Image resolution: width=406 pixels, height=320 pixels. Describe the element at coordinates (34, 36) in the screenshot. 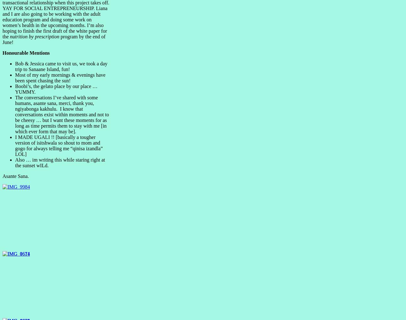

I see `'nutrition by prescription'` at that location.